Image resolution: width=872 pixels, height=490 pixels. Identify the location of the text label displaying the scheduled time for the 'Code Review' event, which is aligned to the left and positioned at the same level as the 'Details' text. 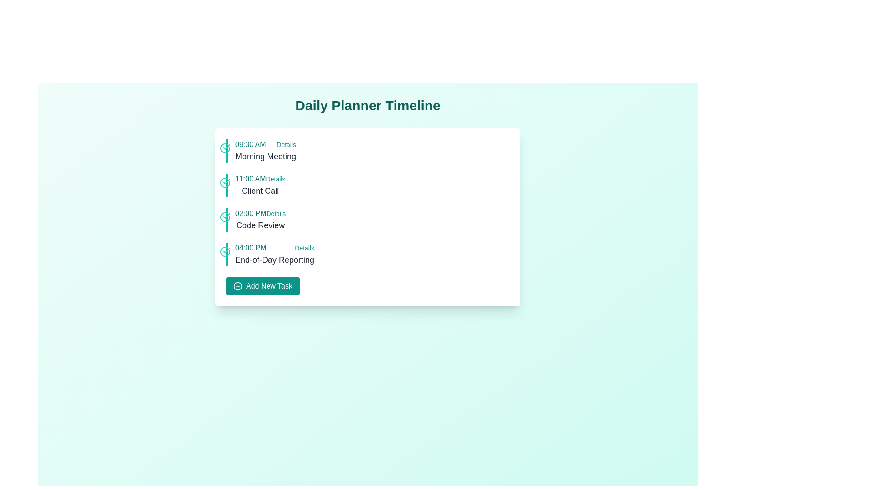
(251, 213).